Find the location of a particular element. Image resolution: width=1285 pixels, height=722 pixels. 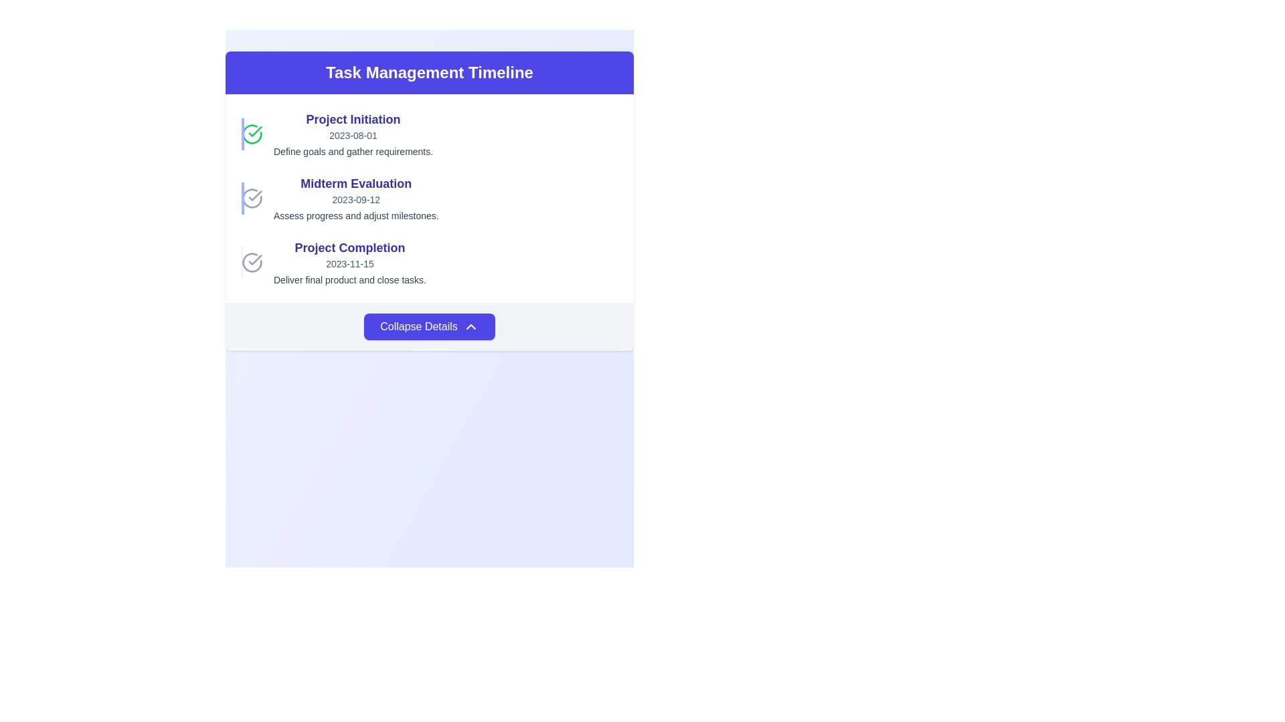

the collapse details icon, which is located to the right of the 'Collapse Details' text and within a button styled with a blue background and white text at the bottom of the interface is located at coordinates (470, 327).